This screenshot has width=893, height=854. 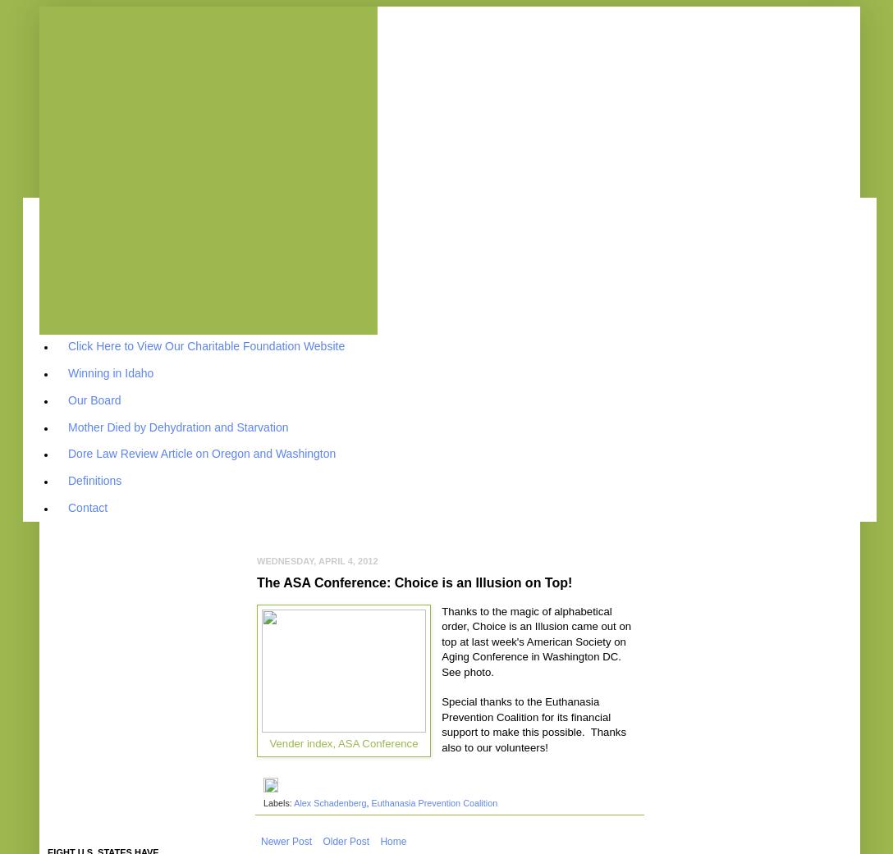 I want to click on 'Our Board', so click(x=94, y=398).